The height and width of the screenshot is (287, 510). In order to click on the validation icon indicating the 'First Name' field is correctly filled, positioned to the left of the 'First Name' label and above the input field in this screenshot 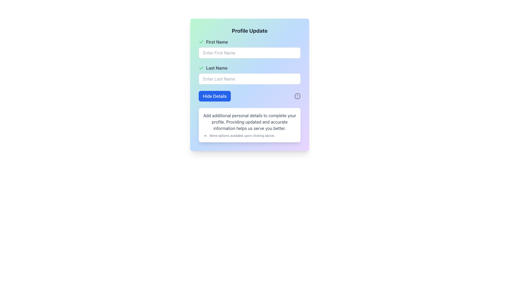, I will do `click(201, 67)`.